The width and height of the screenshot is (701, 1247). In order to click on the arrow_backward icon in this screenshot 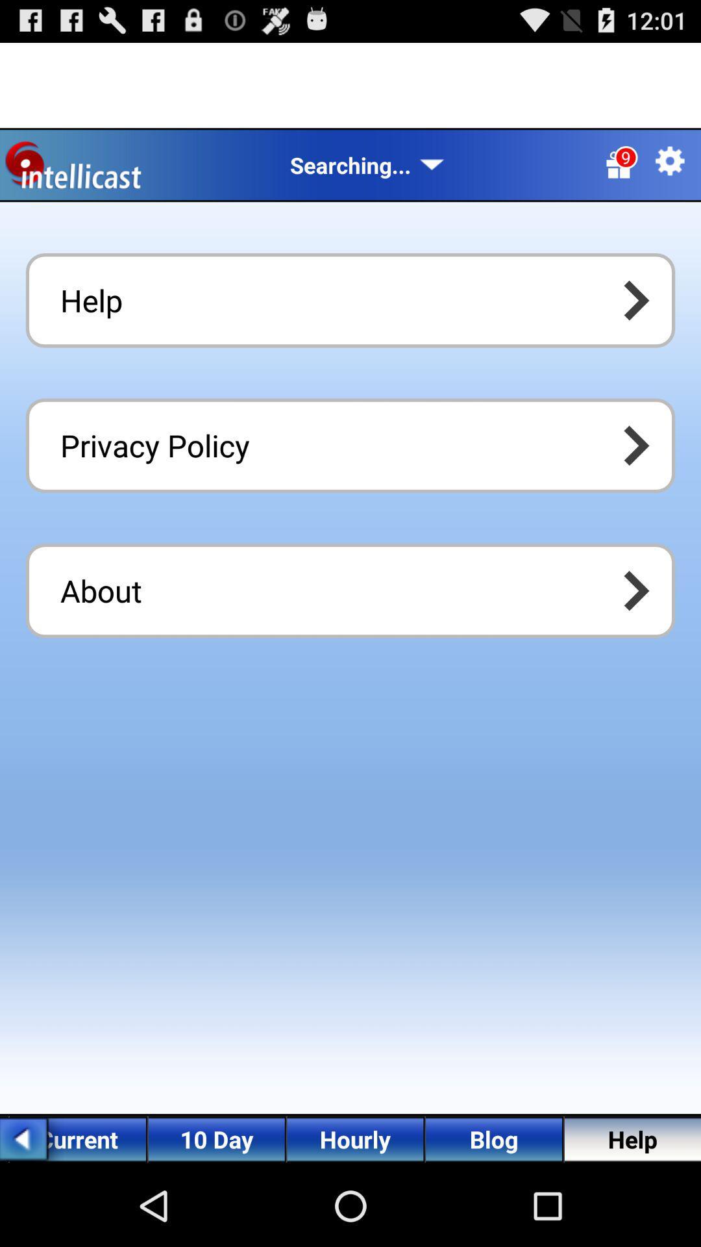, I will do `click(31, 1218)`.